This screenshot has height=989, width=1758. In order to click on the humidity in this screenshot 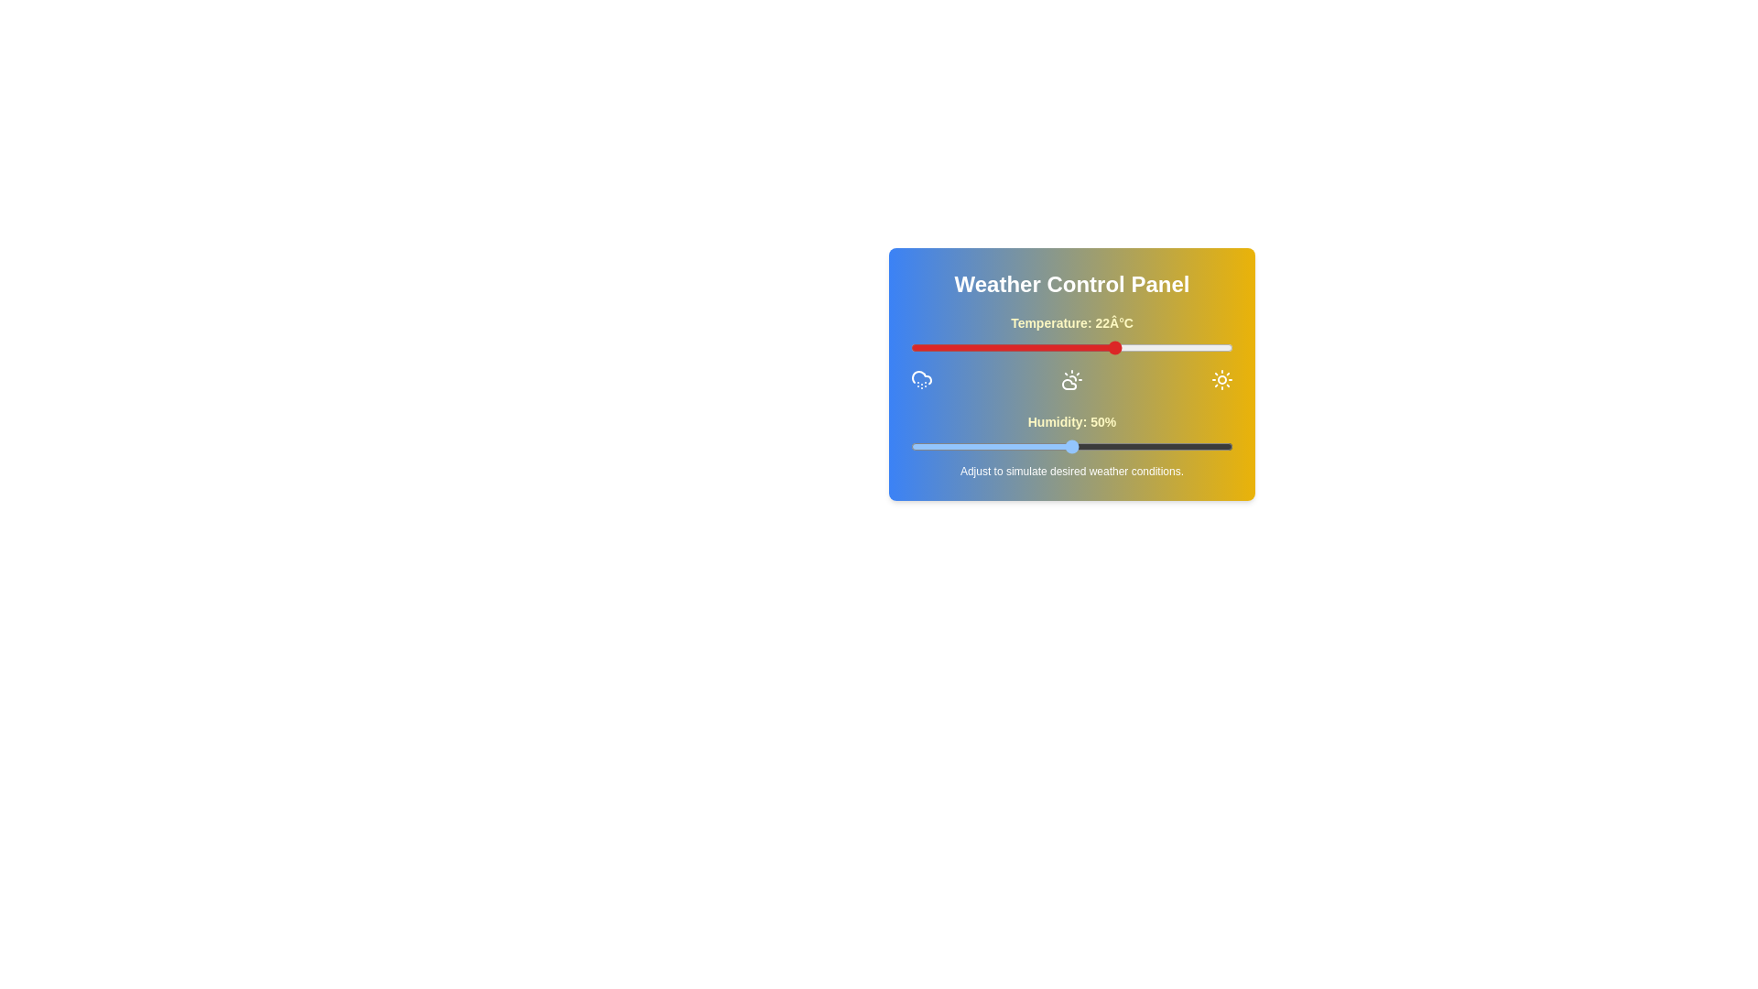, I will do `click(1058, 447)`.